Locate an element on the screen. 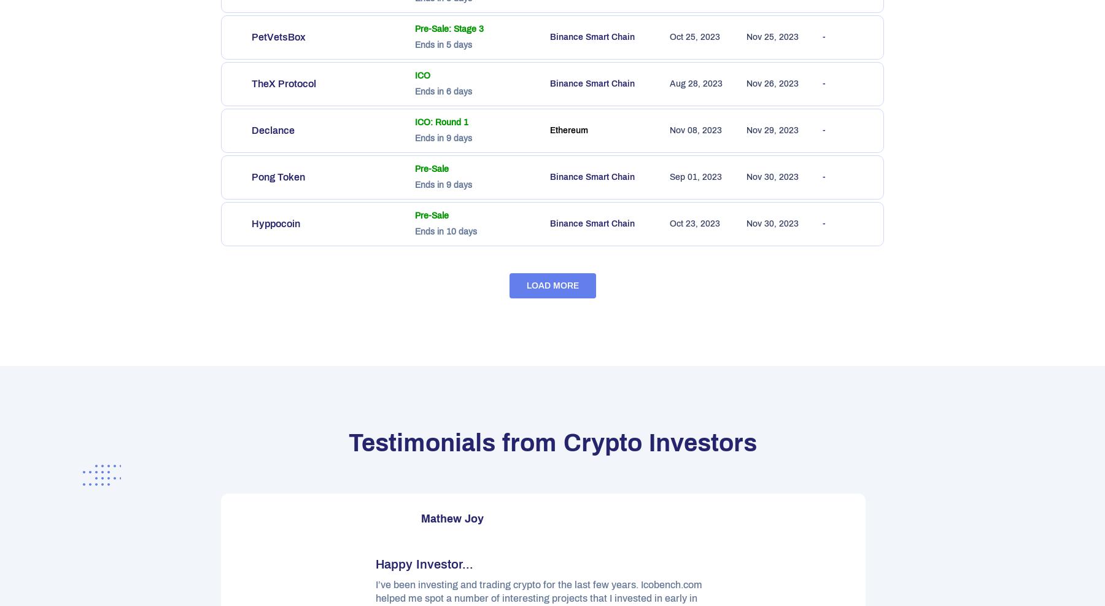 The height and width of the screenshot is (606, 1105). 'Nov 26, 2023' is located at coordinates (746, 84).